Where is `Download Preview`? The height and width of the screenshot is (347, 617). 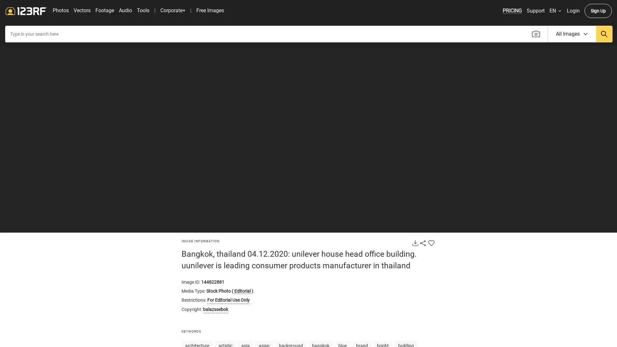 Download Preview is located at coordinates (415, 265).